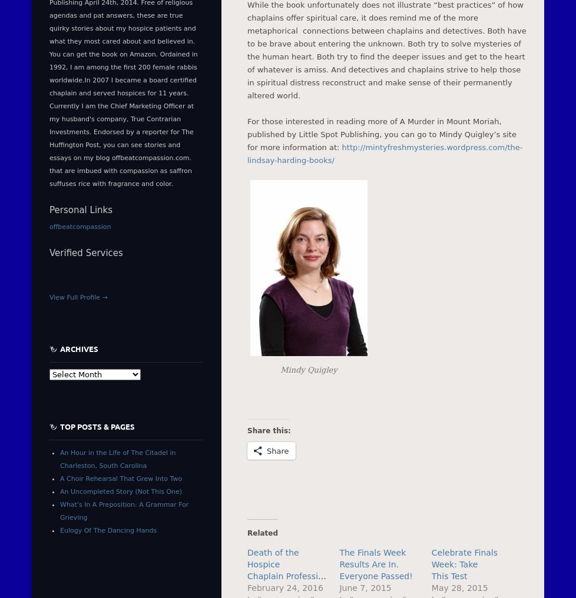  I want to click on 'An Uncompleted Story (Not This One)', so click(121, 491).